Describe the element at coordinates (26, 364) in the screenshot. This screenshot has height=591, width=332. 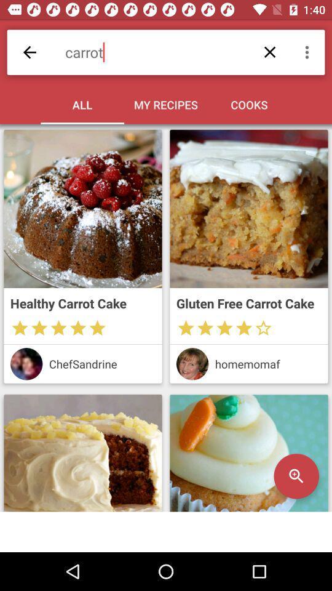
I see `see profile` at that location.